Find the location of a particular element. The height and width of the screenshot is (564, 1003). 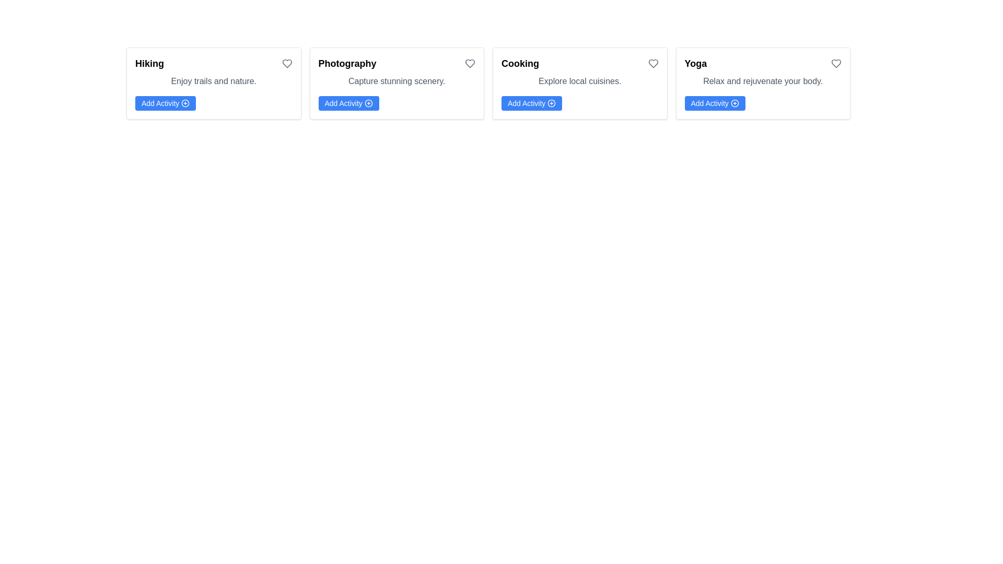

the heart outline icon located at the top-right corner of the 'Hiking' activity card is located at coordinates (287, 64).